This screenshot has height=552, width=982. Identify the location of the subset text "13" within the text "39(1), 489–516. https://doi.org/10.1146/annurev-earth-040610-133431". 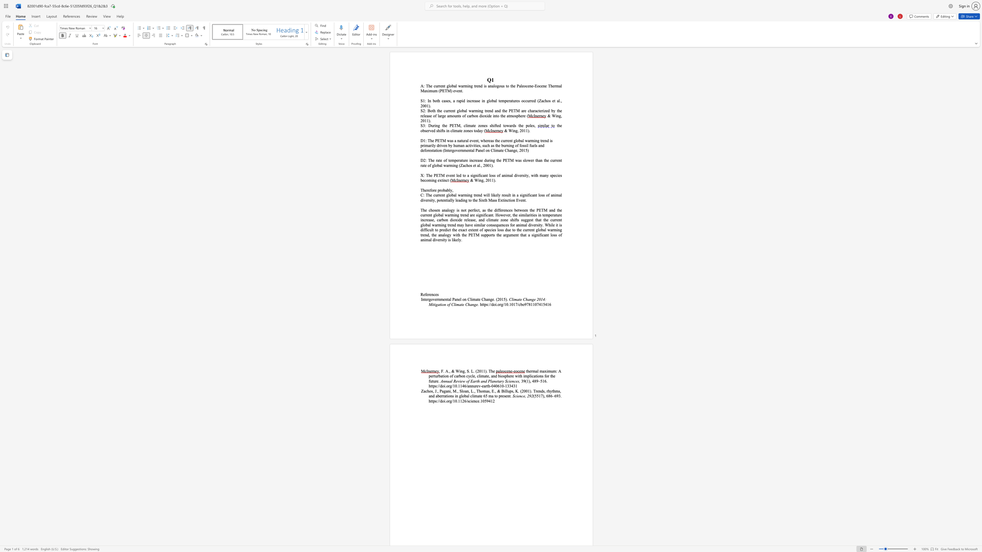
(505, 386).